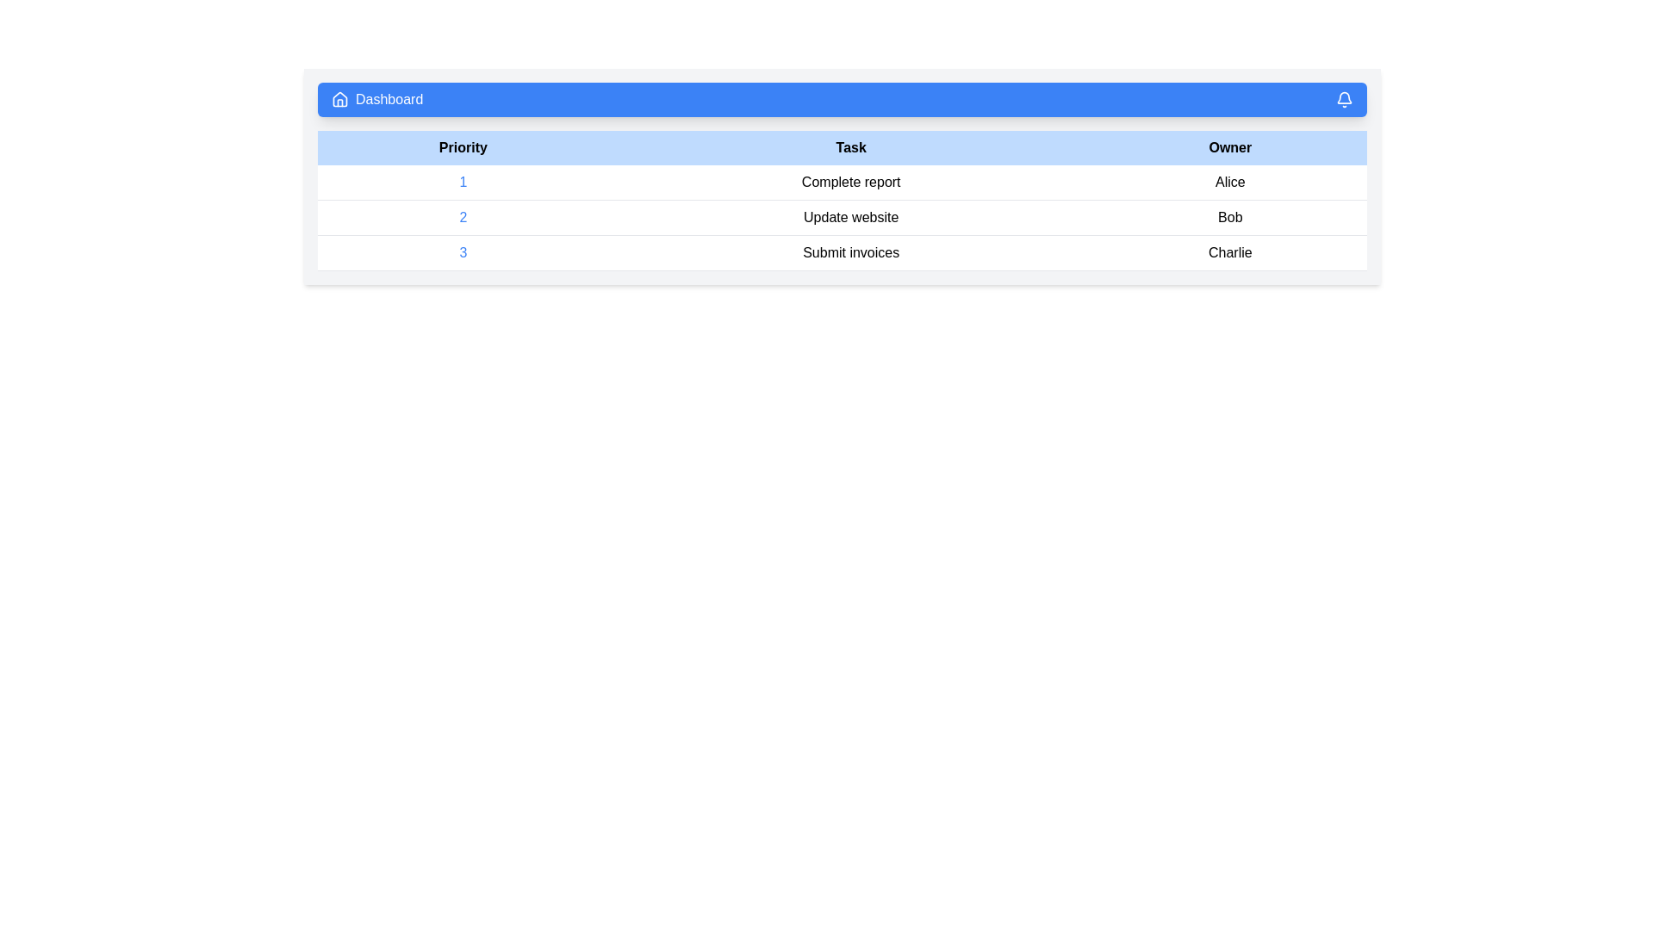 This screenshot has width=1654, height=930. I want to click on the blue bell icon in the top-right corner of the application interface, so click(1343, 97).